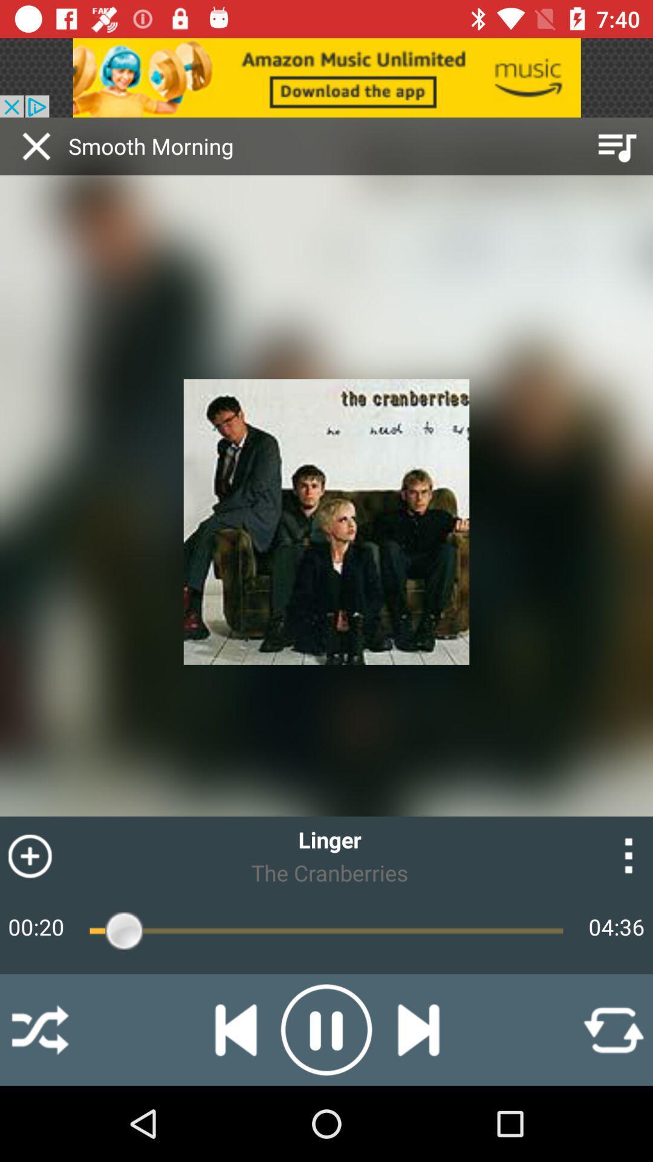 Image resolution: width=653 pixels, height=1162 pixels. What do you see at coordinates (29, 855) in the screenshot?
I see `the add icon` at bounding box center [29, 855].